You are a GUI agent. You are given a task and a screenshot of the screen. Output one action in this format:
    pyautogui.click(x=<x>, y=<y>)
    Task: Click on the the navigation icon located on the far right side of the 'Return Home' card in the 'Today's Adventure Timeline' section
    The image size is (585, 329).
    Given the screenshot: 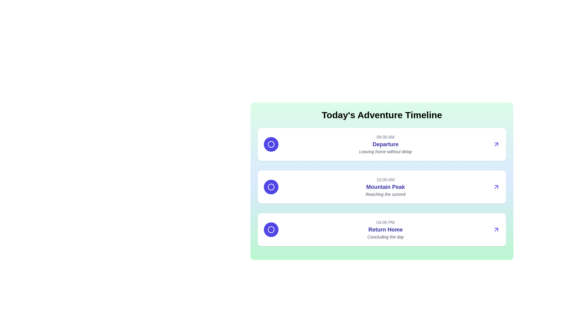 What is the action you would take?
    pyautogui.click(x=496, y=229)
    